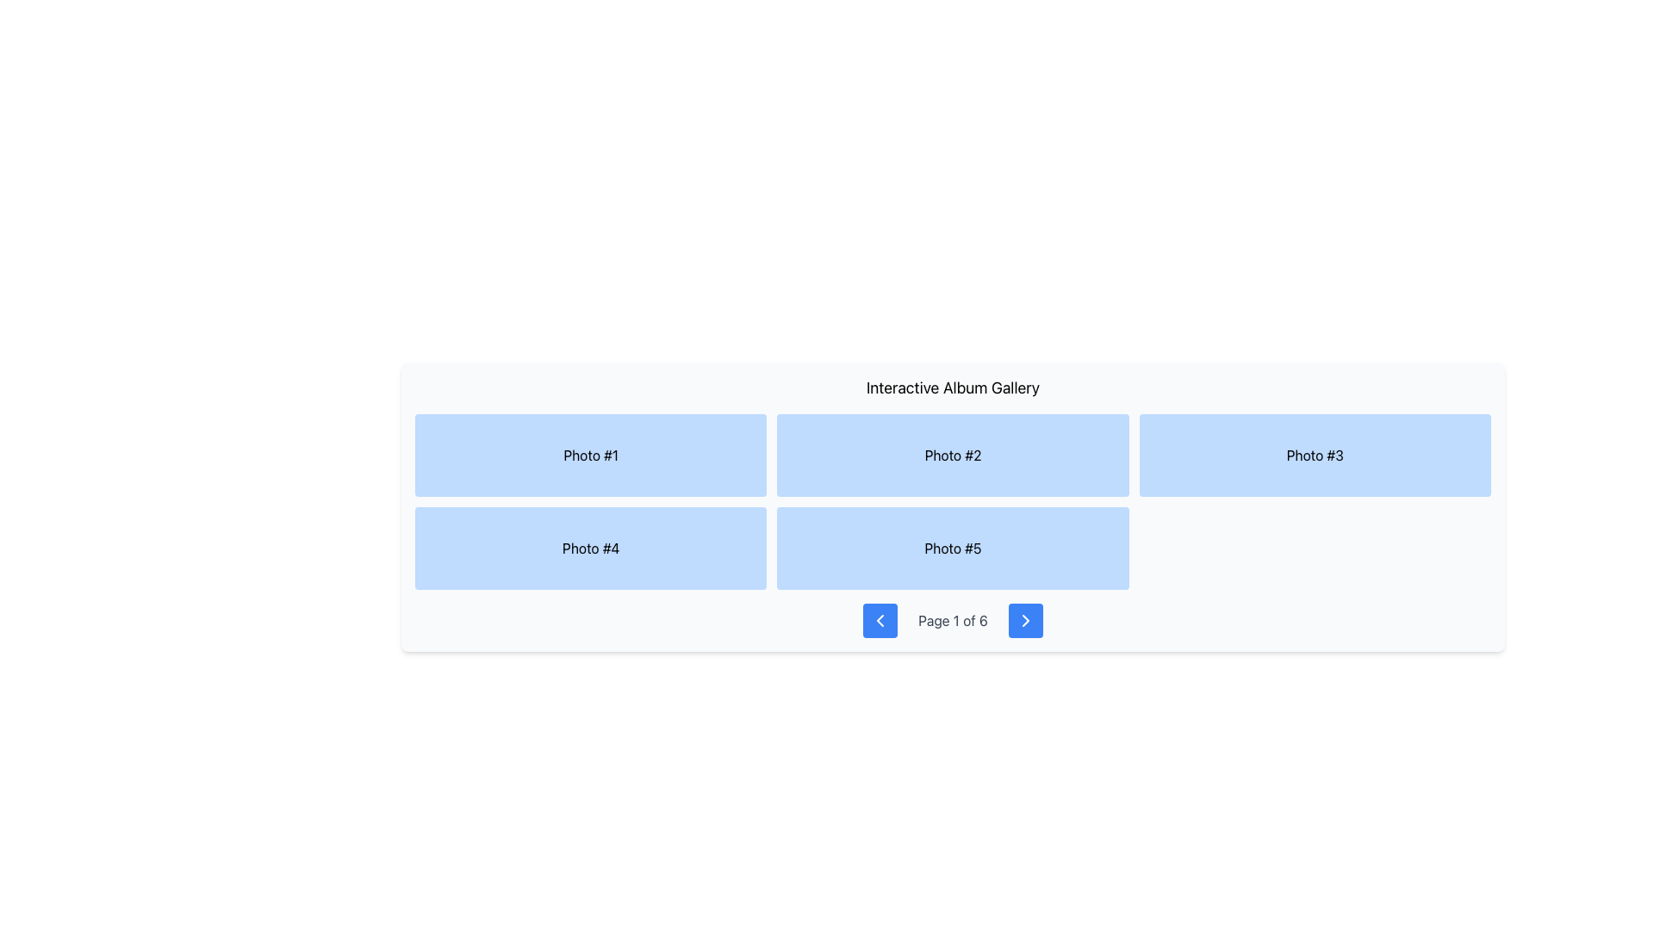 This screenshot has width=1654, height=930. What do you see at coordinates (1025, 621) in the screenshot?
I see `the button containing the rightward chevron SVG icon` at bounding box center [1025, 621].